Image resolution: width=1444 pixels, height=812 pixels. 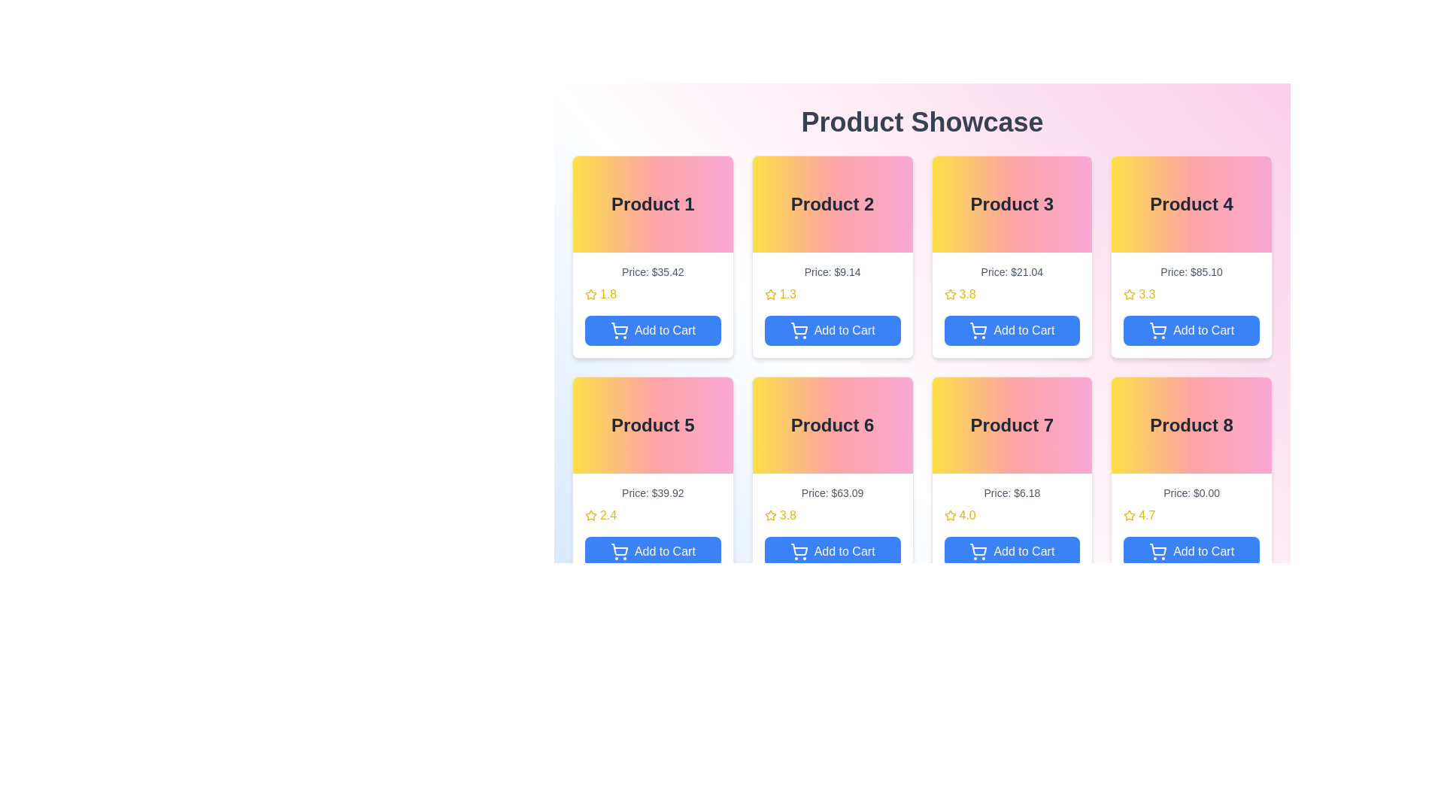 What do you see at coordinates (1191, 551) in the screenshot?
I see `the rectangular blue 'Add to Cart' button with white text and a shopping cart icon` at bounding box center [1191, 551].